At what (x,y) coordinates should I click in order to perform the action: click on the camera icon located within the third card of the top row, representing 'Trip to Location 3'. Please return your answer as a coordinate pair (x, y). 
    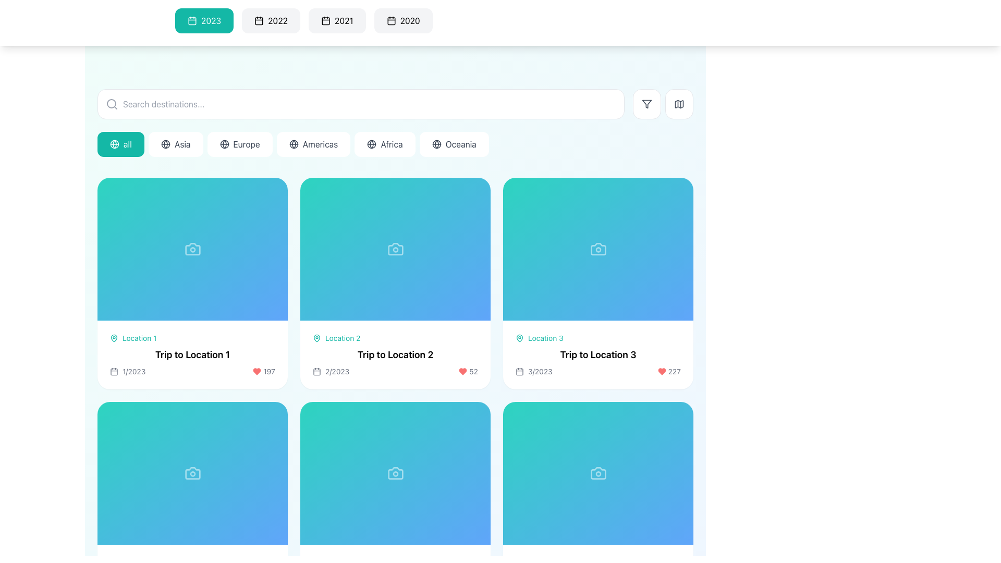
    Looking at the image, I should click on (598, 249).